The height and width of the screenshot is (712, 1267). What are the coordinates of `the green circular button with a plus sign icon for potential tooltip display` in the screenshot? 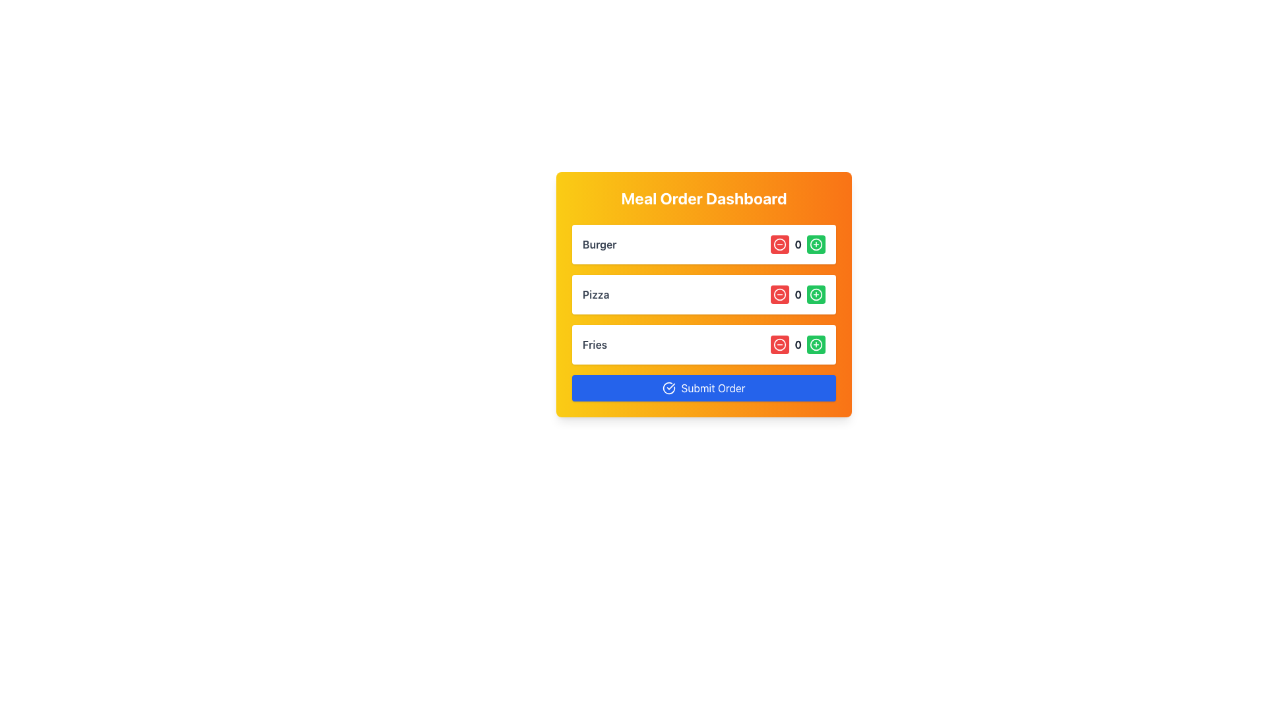 It's located at (816, 344).